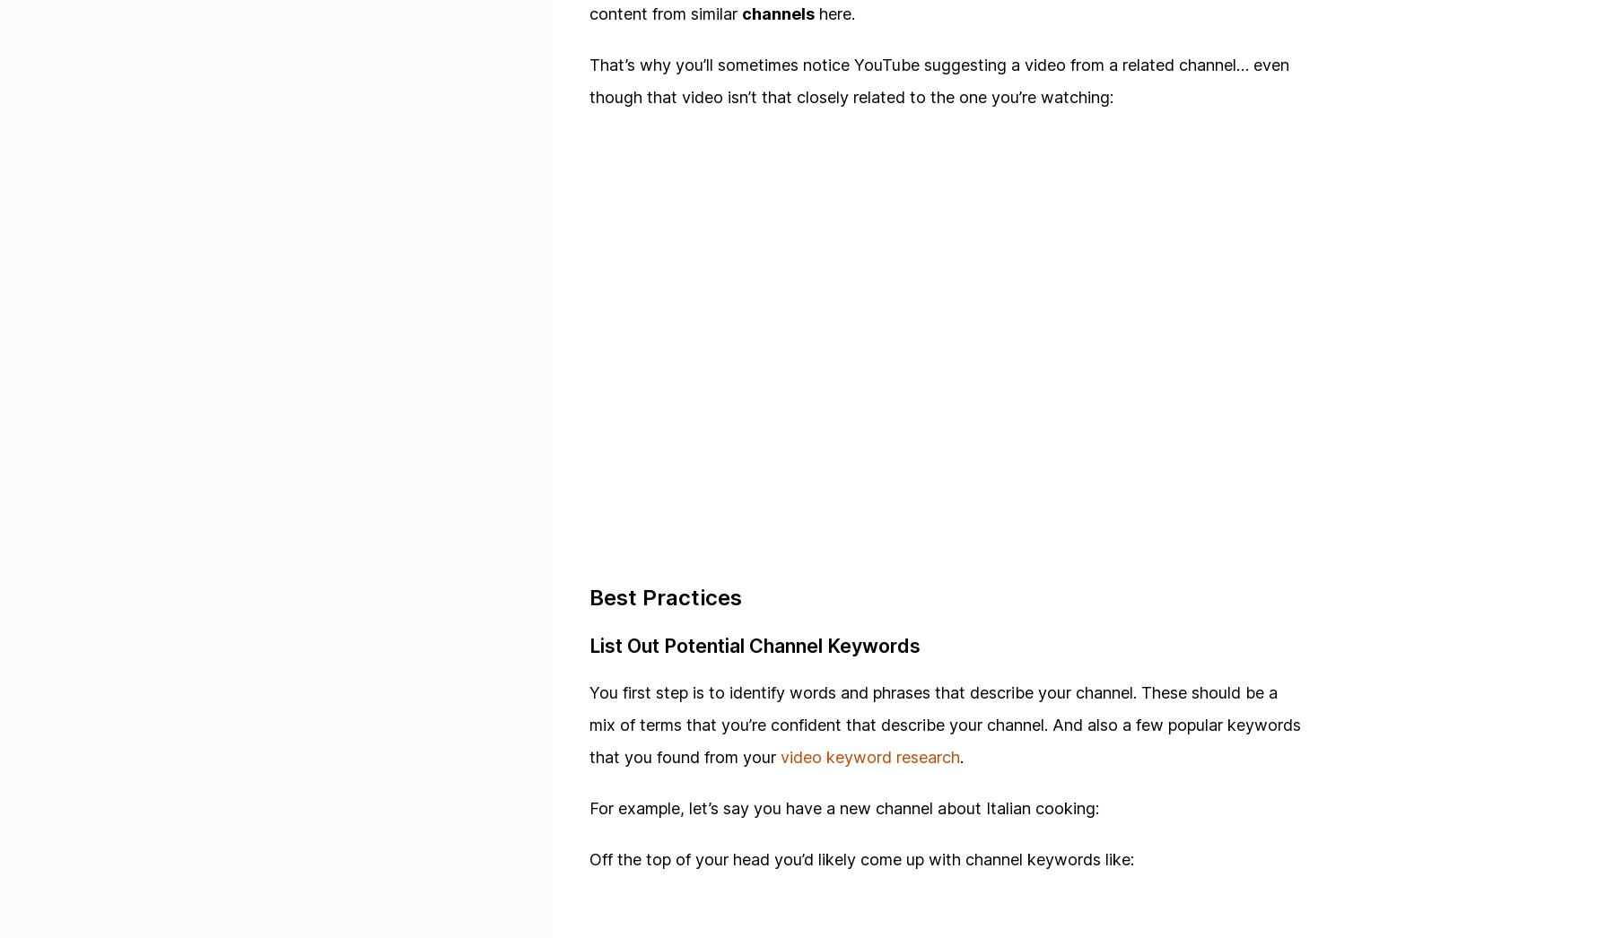 This screenshot has height=938, width=1615. Describe the element at coordinates (959, 756) in the screenshot. I see `'.'` at that location.